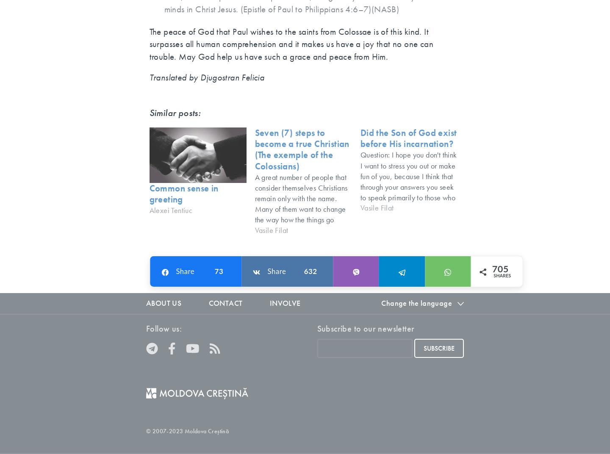 Image resolution: width=610 pixels, height=454 pixels. I want to click on 'Subscribe to our newsletter', so click(365, 328).